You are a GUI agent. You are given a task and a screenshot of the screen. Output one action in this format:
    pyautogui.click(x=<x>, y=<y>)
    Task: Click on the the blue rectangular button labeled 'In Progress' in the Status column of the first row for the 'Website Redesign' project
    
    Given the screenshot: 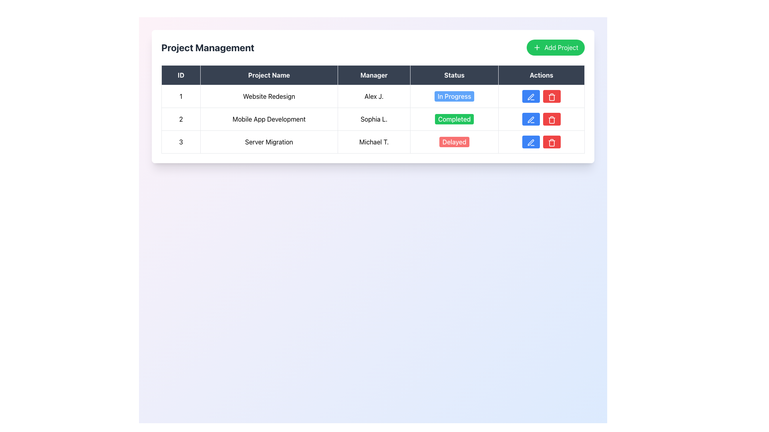 What is the action you would take?
    pyautogui.click(x=454, y=96)
    